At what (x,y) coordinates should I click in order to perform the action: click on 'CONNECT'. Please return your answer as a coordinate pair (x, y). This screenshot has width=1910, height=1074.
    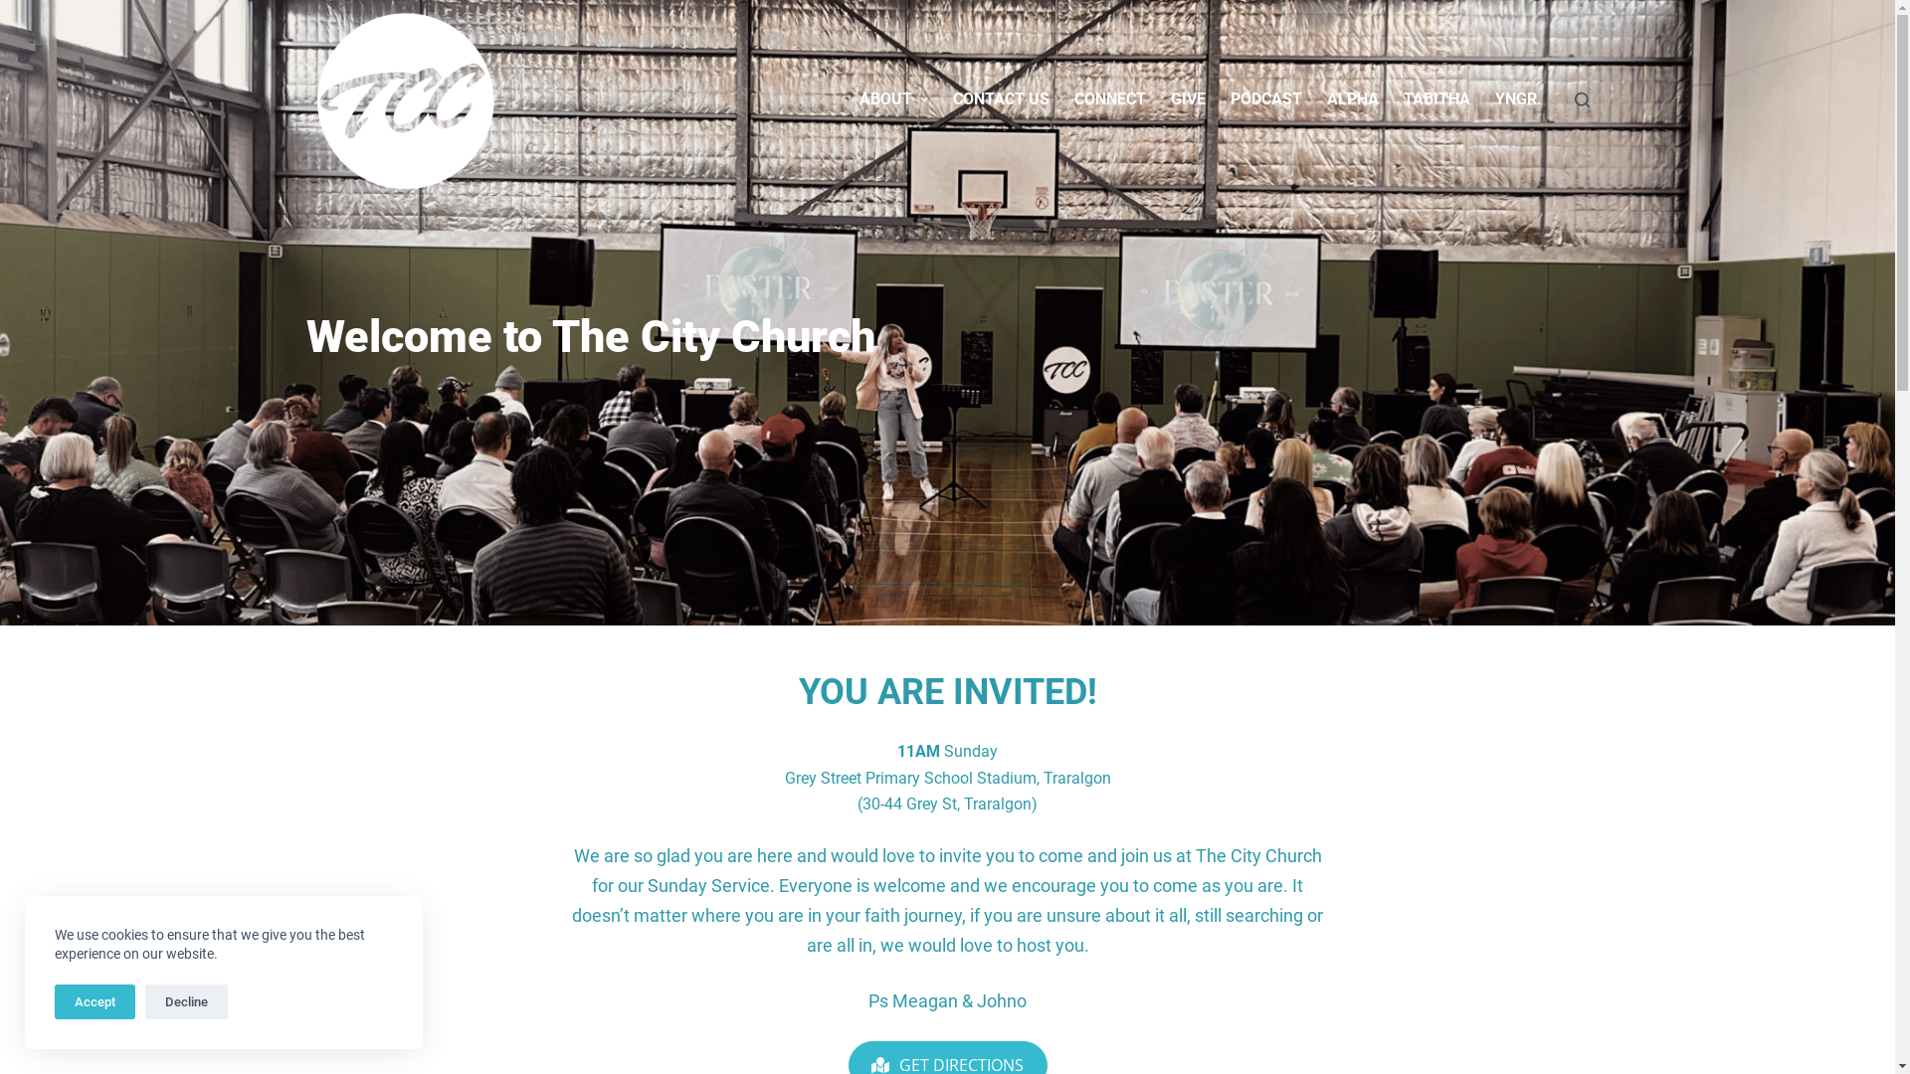
    Looking at the image, I should click on (1061, 99).